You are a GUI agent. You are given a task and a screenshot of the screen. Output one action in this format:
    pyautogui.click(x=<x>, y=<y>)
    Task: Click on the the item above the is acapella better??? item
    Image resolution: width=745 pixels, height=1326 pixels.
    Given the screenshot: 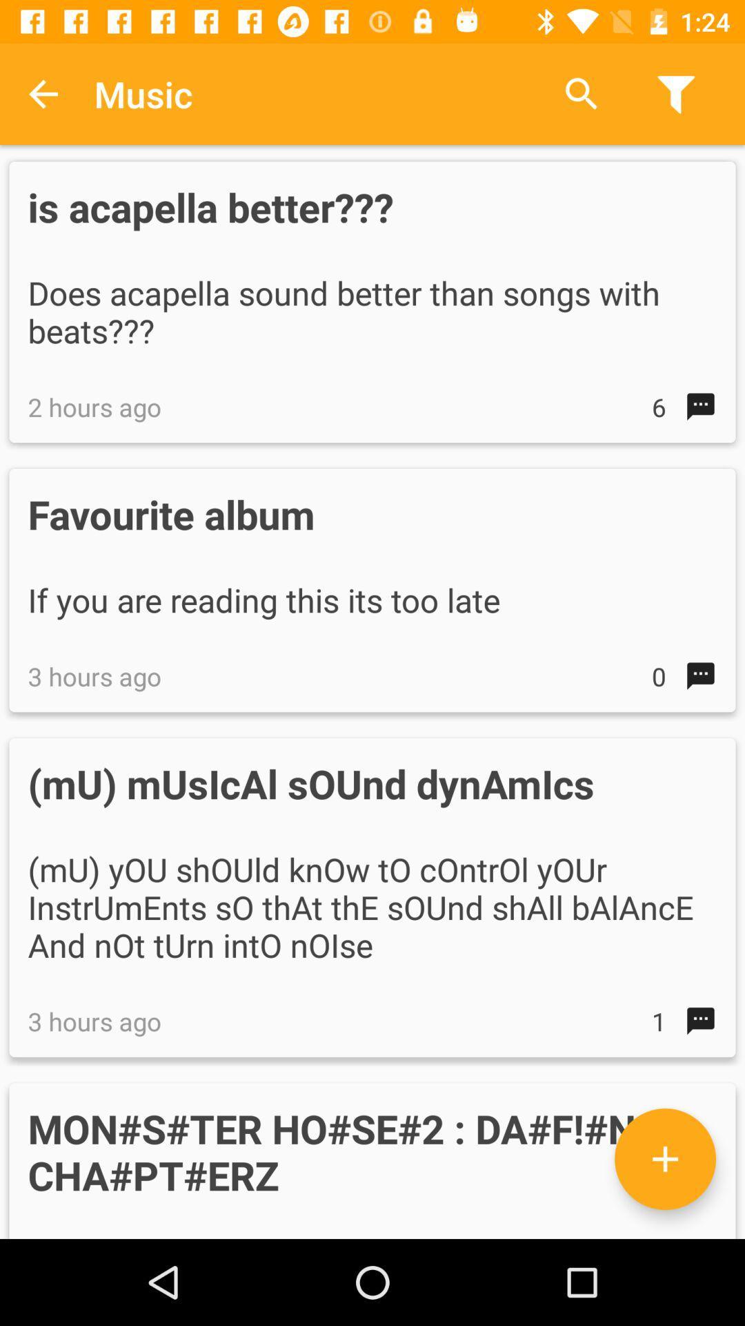 What is the action you would take?
    pyautogui.click(x=42, y=93)
    